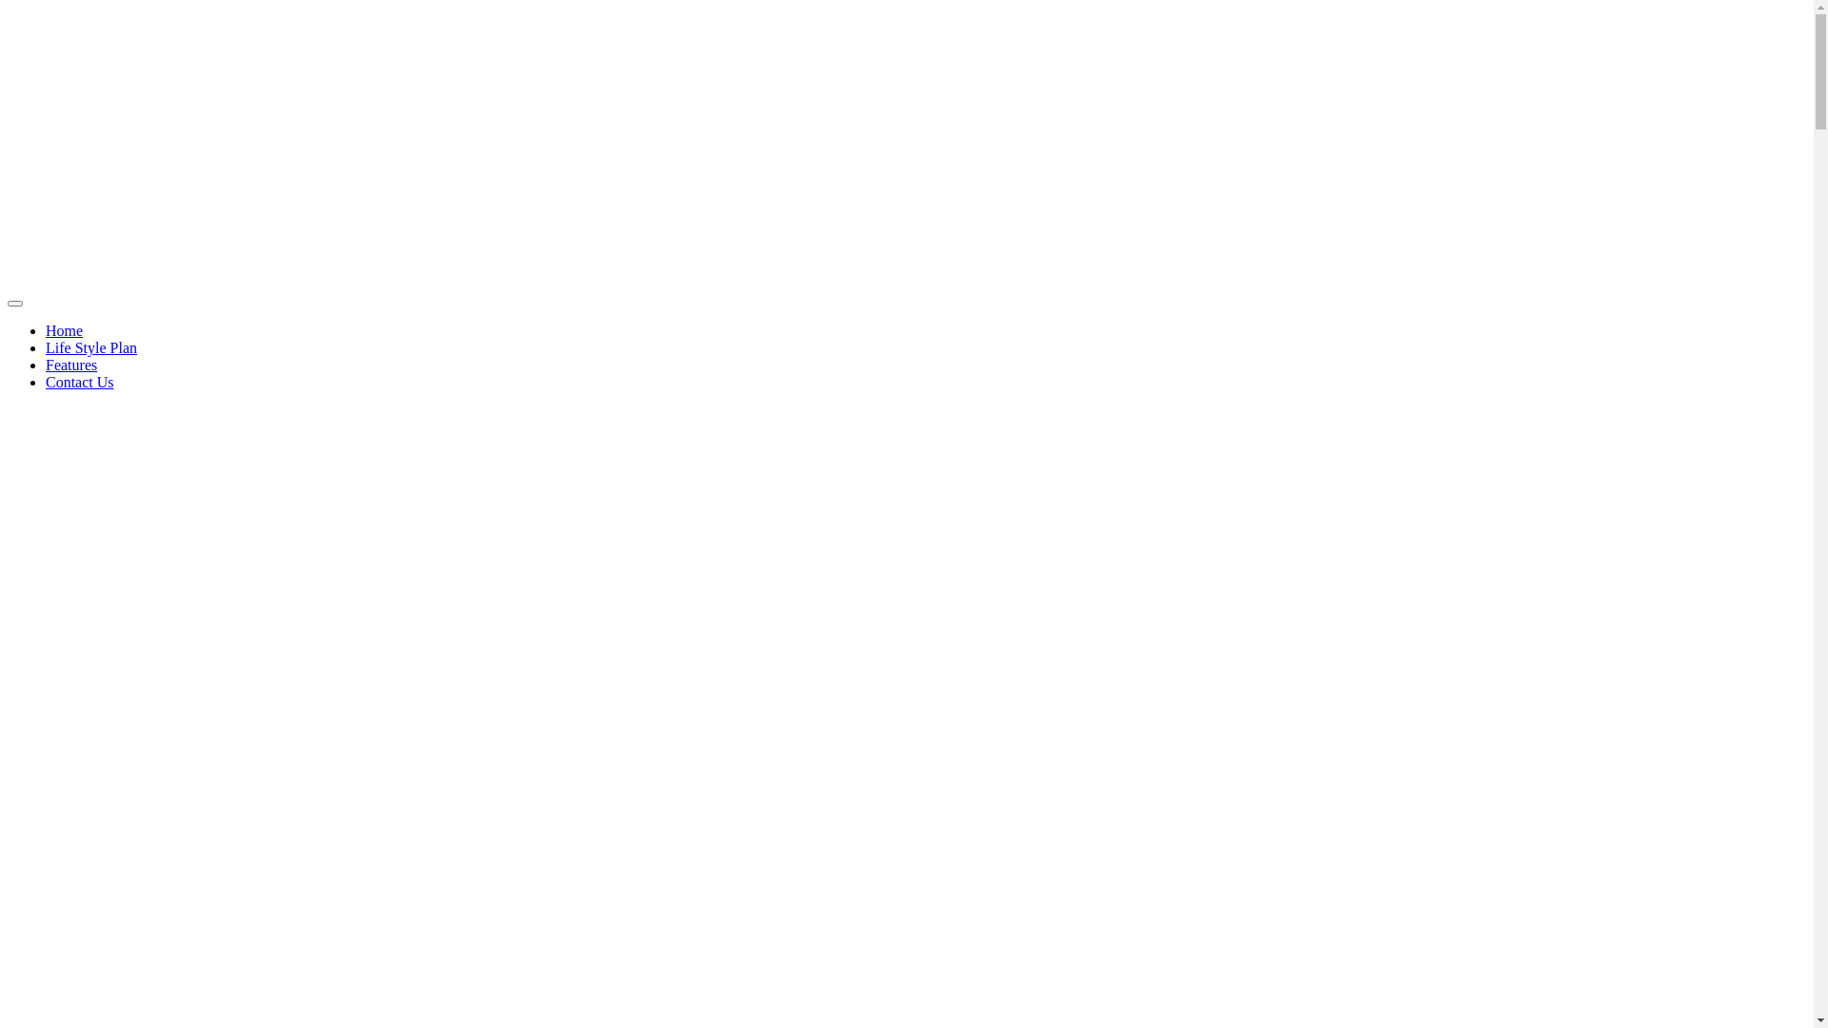 The image size is (1828, 1028). What do you see at coordinates (64, 329) in the screenshot?
I see `'Home'` at bounding box center [64, 329].